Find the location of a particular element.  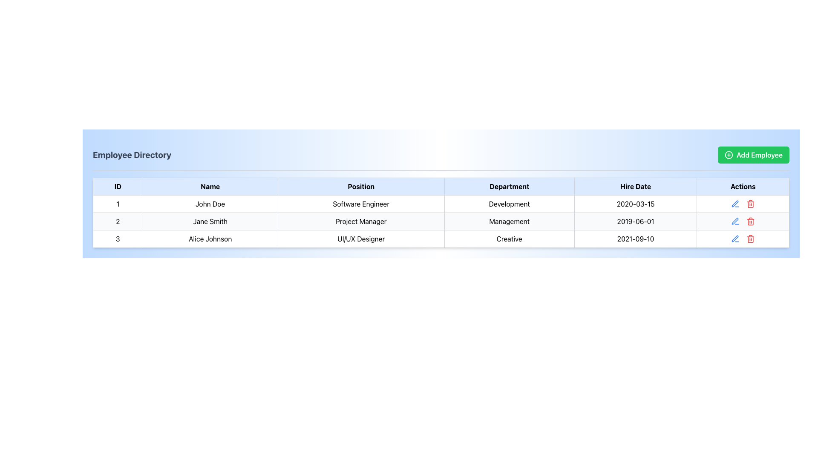

the static text cell displaying the department name for the employee entry labeled 'Alice Johnson' in the fourth column of the third row of the table is located at coordinates (509, 239).